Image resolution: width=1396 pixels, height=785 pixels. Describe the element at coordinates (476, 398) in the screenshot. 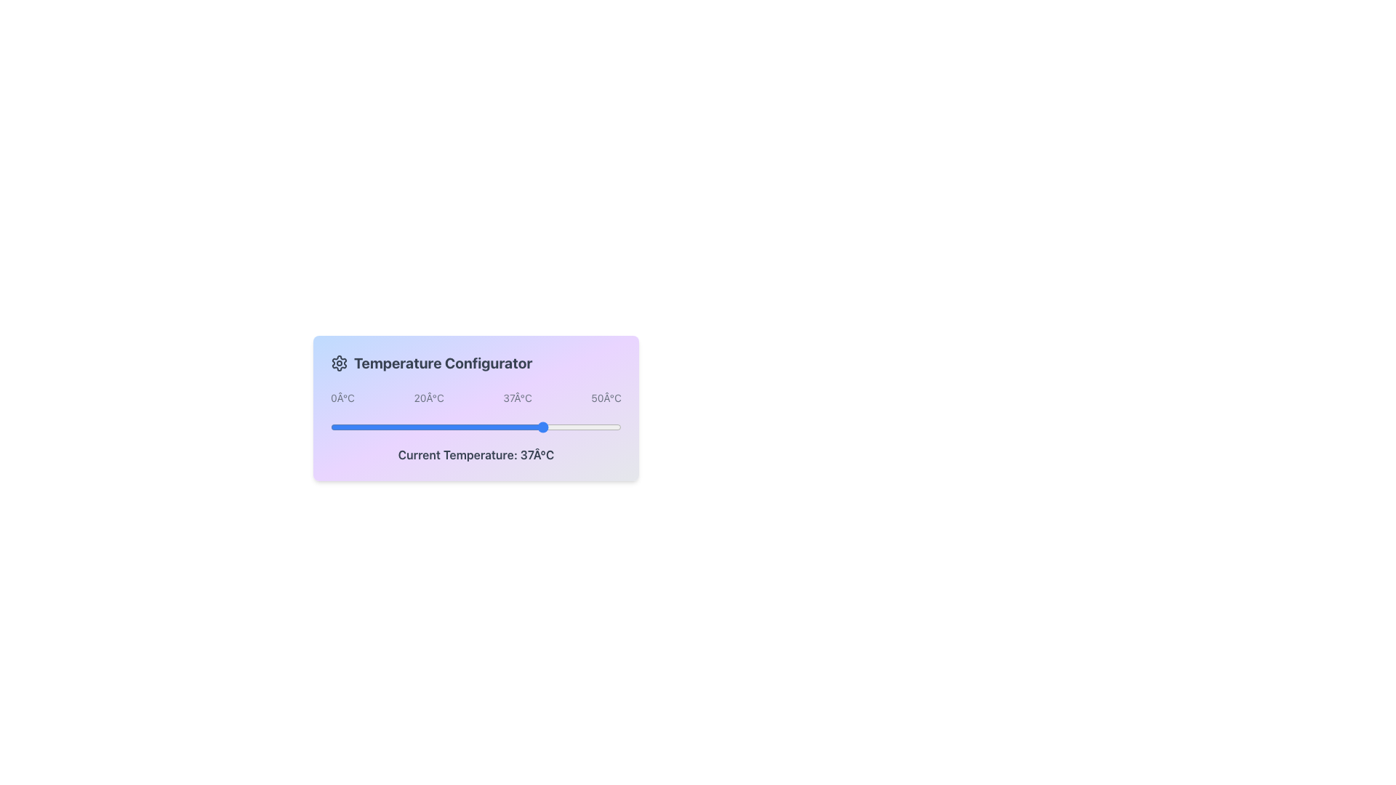

I see `the horizontal layout of temperature labels '0°C', '20°C', '37°C', and '50°C' which is styled in gray against a light gradient background, positioned above a range slider` at that location.